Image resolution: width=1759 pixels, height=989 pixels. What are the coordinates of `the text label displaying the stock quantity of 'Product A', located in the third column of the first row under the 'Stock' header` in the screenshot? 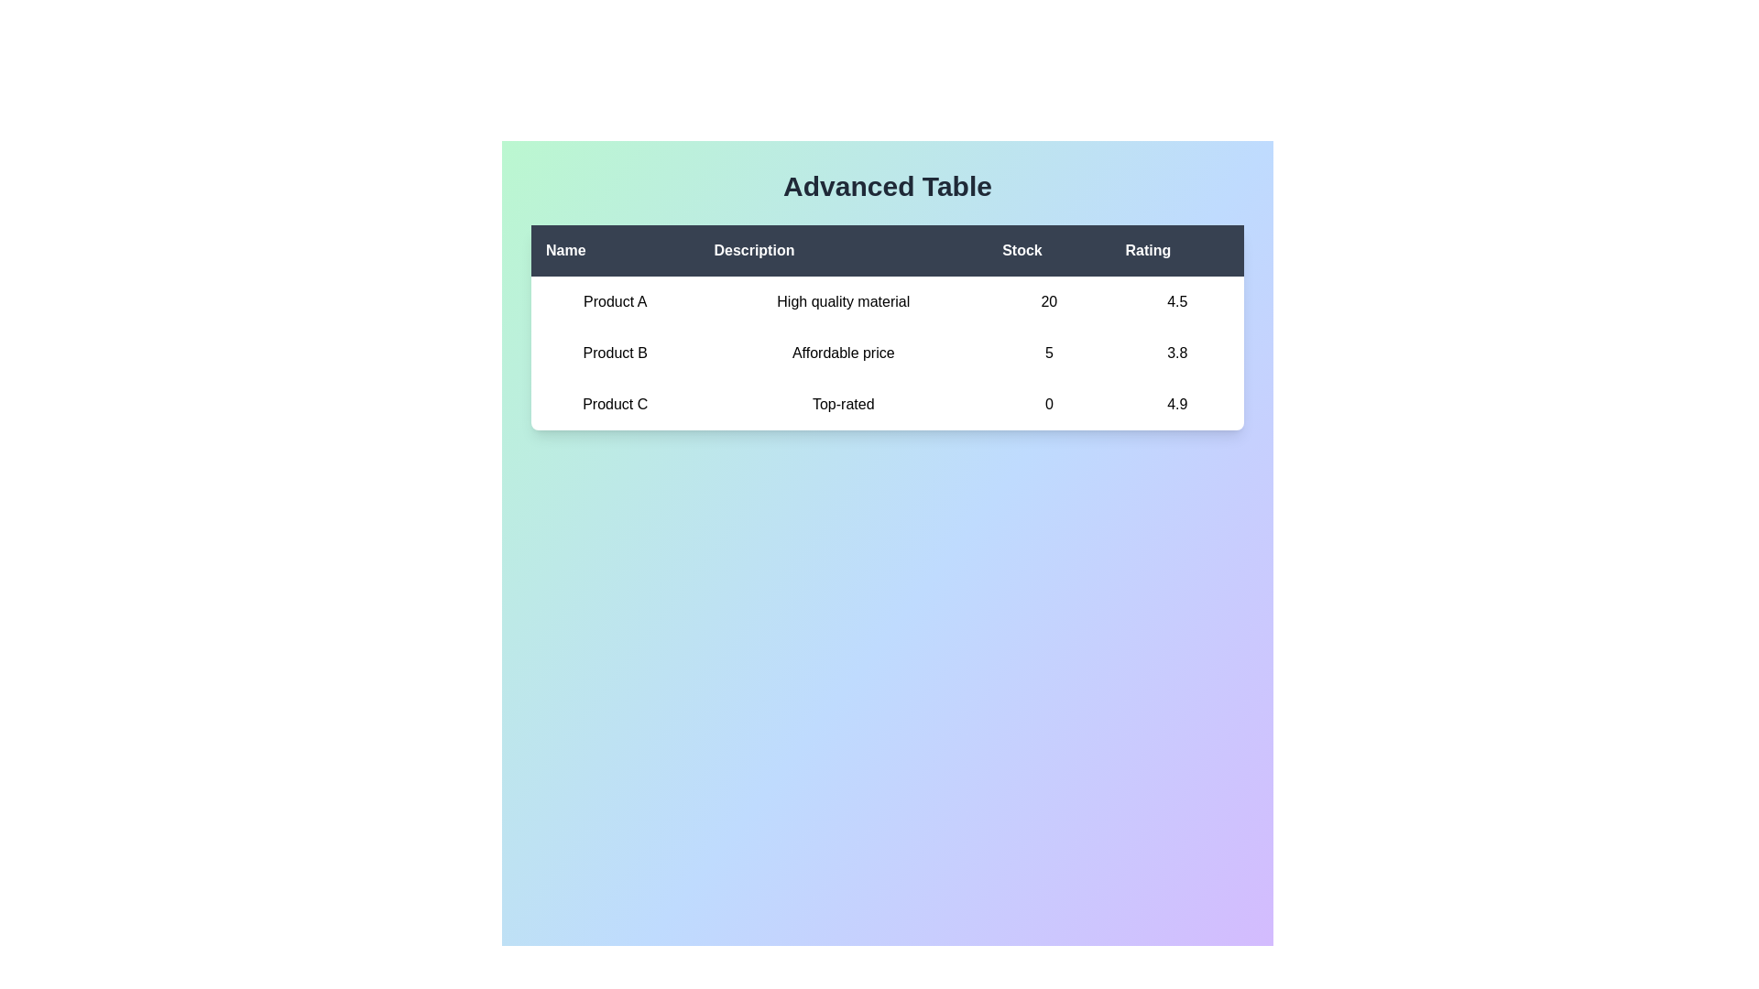 It's located at (1049, 301).